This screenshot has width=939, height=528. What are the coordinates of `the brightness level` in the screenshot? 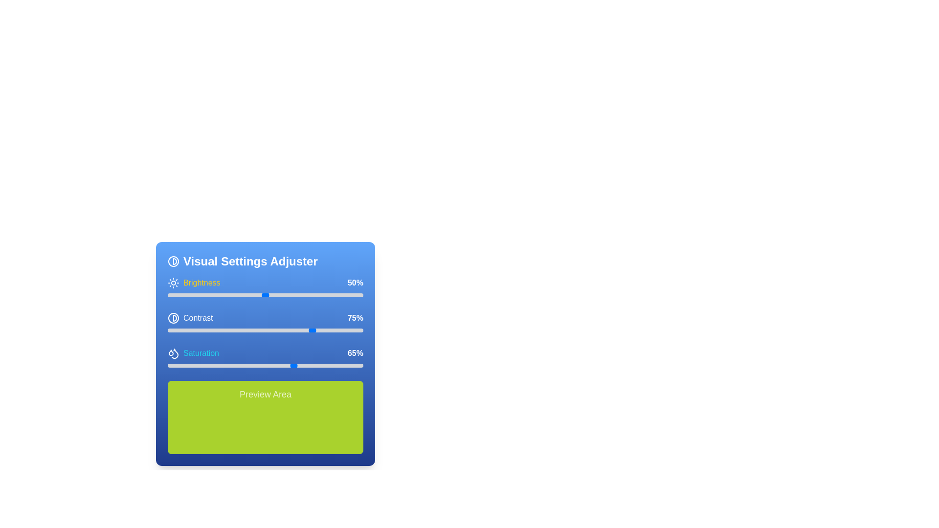 It's located at (269, 295).